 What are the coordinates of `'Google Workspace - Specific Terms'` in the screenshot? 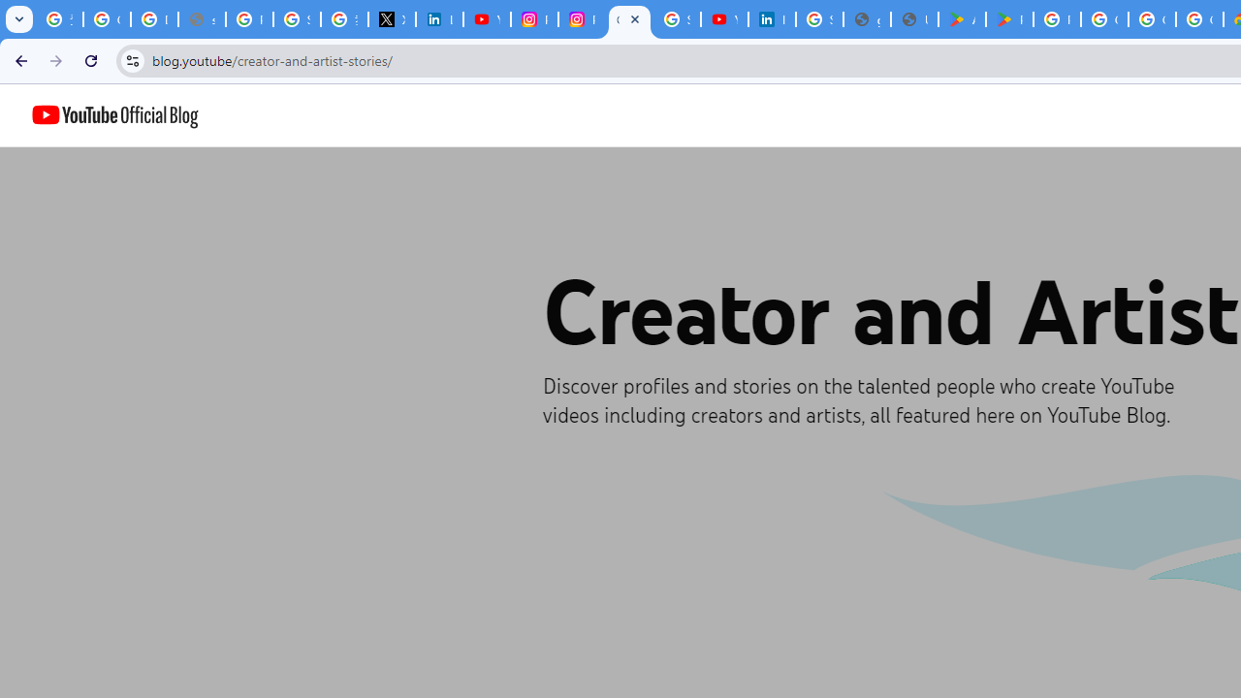 It's located at (1152, 19).